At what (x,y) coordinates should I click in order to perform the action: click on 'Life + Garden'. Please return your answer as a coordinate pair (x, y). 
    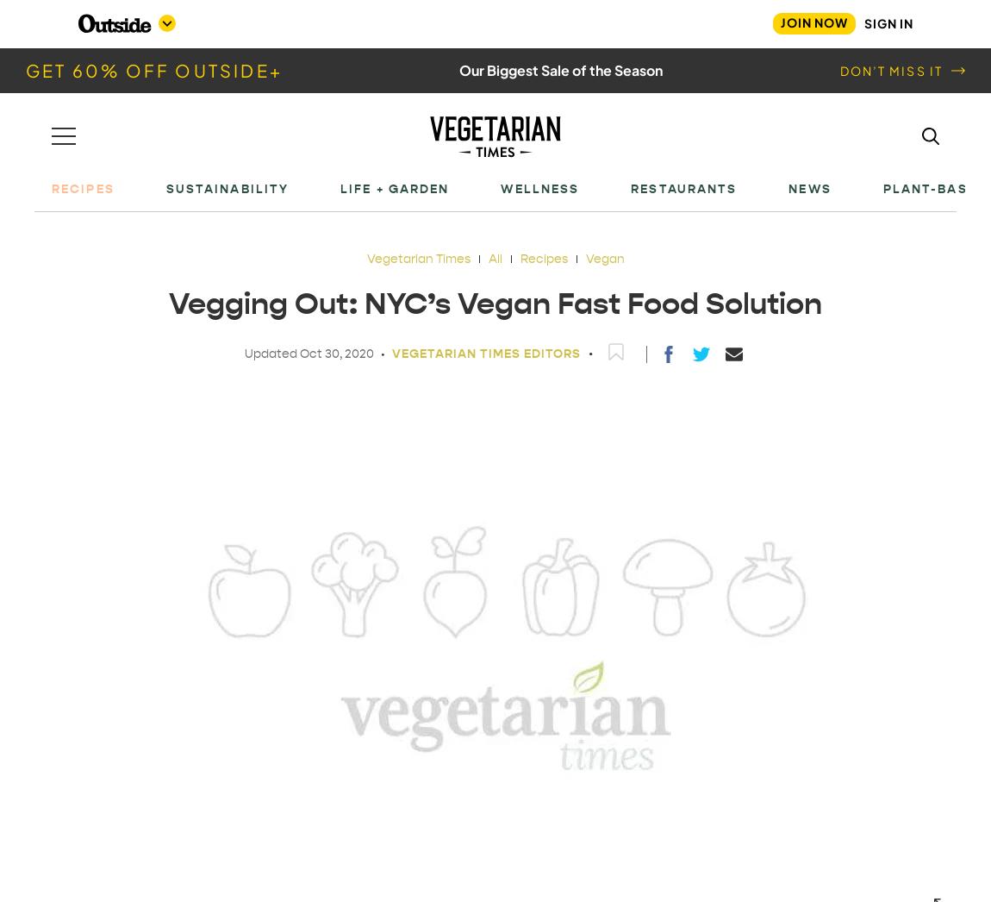
    Looking at the image, I should click on (395, 187).